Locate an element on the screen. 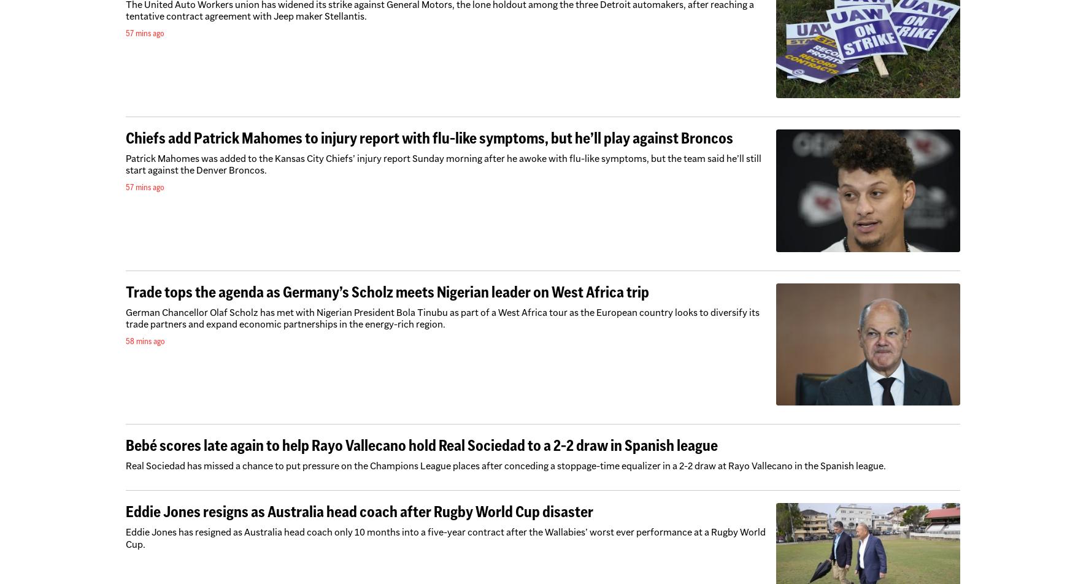  'Patrick Mahomes was added to the Kansas City Chiefs’ injury report Sunday morning after he awoke with flu-like symptoms, but the team said he’ll still start against the Denver Broncos.' is located at coordinates (443, 164).